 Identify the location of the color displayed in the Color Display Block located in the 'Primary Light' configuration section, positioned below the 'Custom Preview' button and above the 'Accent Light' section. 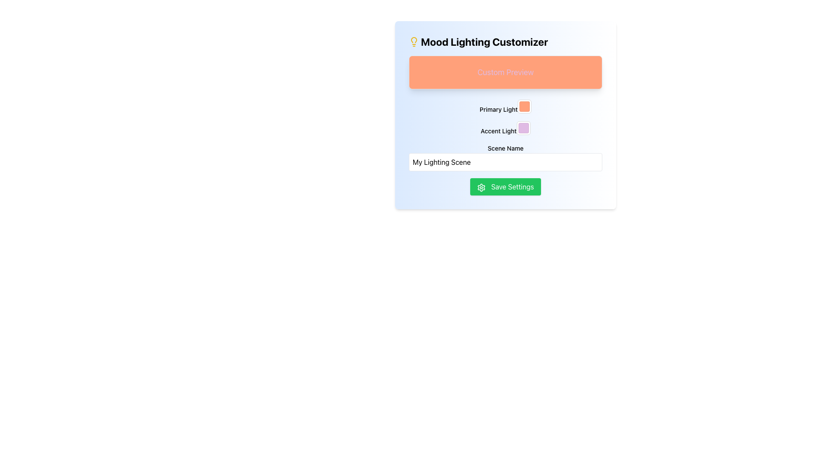
(524, 106).